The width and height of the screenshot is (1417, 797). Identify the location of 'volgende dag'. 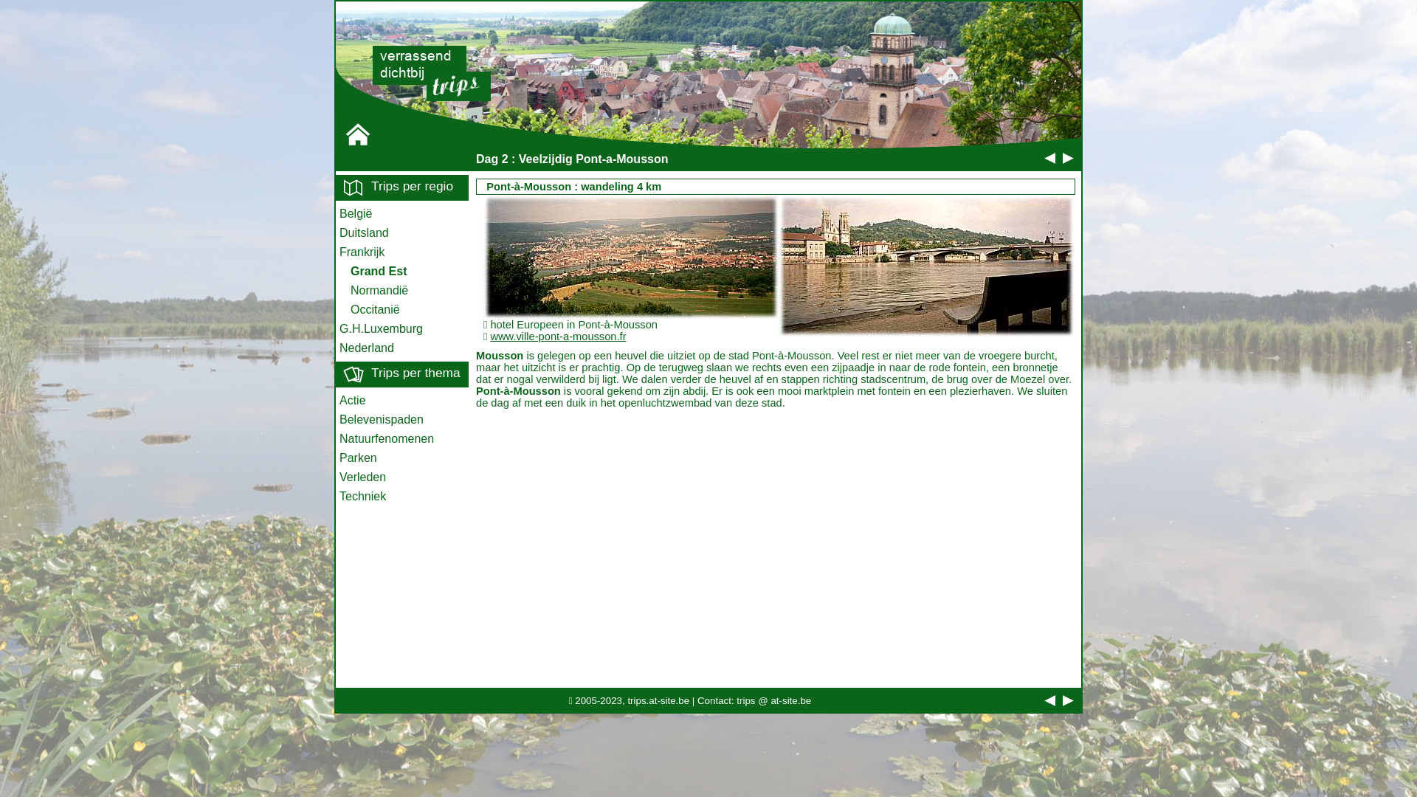
(1063, 700).